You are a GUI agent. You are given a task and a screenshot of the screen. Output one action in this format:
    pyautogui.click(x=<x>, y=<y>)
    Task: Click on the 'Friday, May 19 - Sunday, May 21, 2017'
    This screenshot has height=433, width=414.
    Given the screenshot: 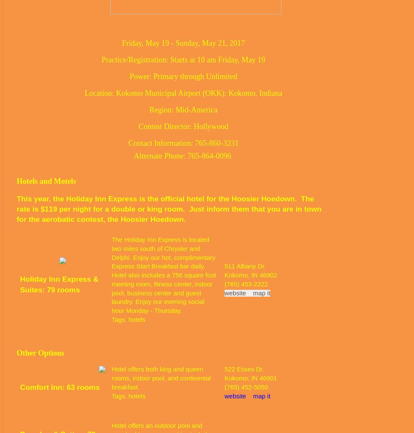 What is the action you would take?
    pyautogui.click(x=183, y=42)
    